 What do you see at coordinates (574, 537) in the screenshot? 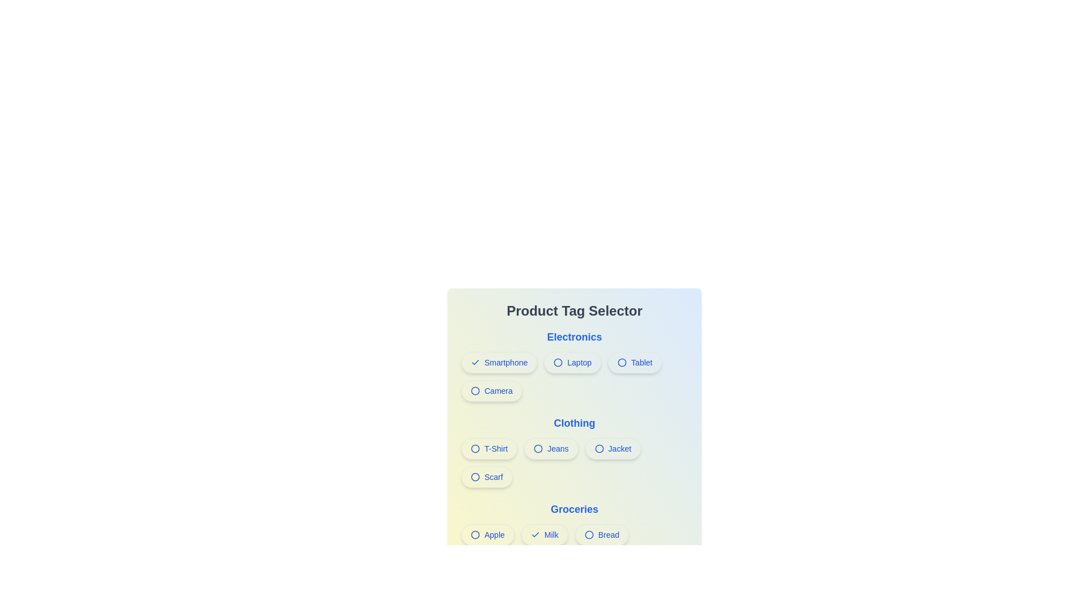
I see `the circular button labeled 'Bread'` at bounding box center [574, 537].